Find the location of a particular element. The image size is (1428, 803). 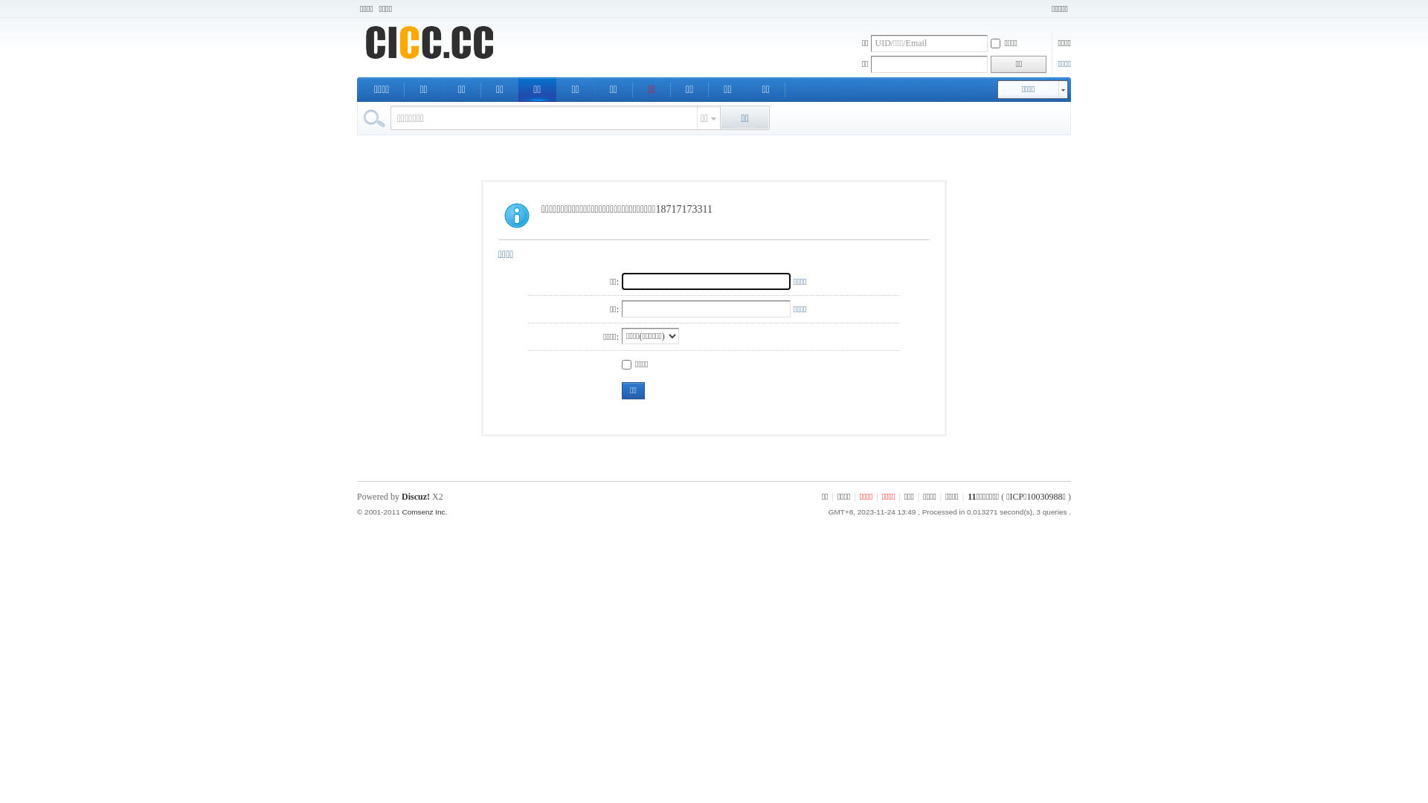

'Comsenz Inc.' is located at coordinates (423, 511).